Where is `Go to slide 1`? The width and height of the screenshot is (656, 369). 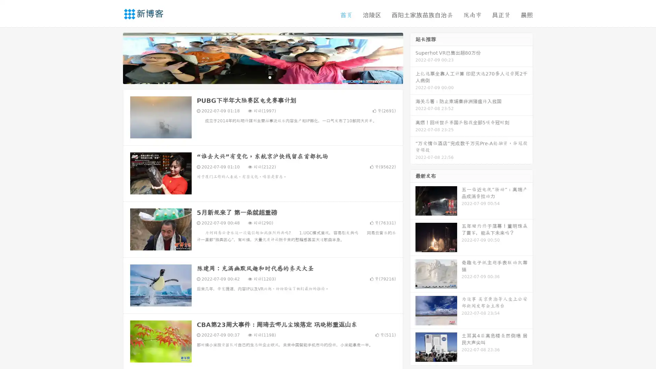 Go to slide 1 is located at coordinates (256, 77).